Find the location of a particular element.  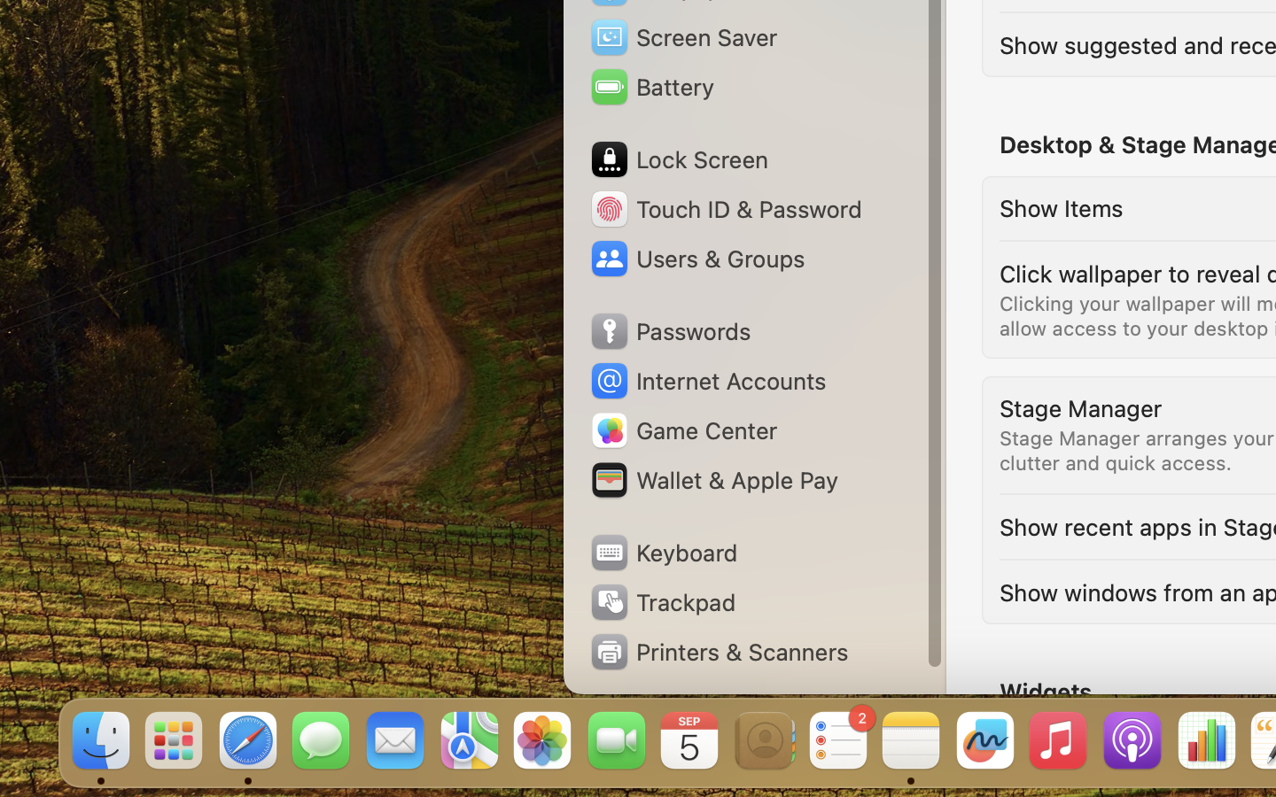

'Stage Manager' is located at coordinates (1079, 406).